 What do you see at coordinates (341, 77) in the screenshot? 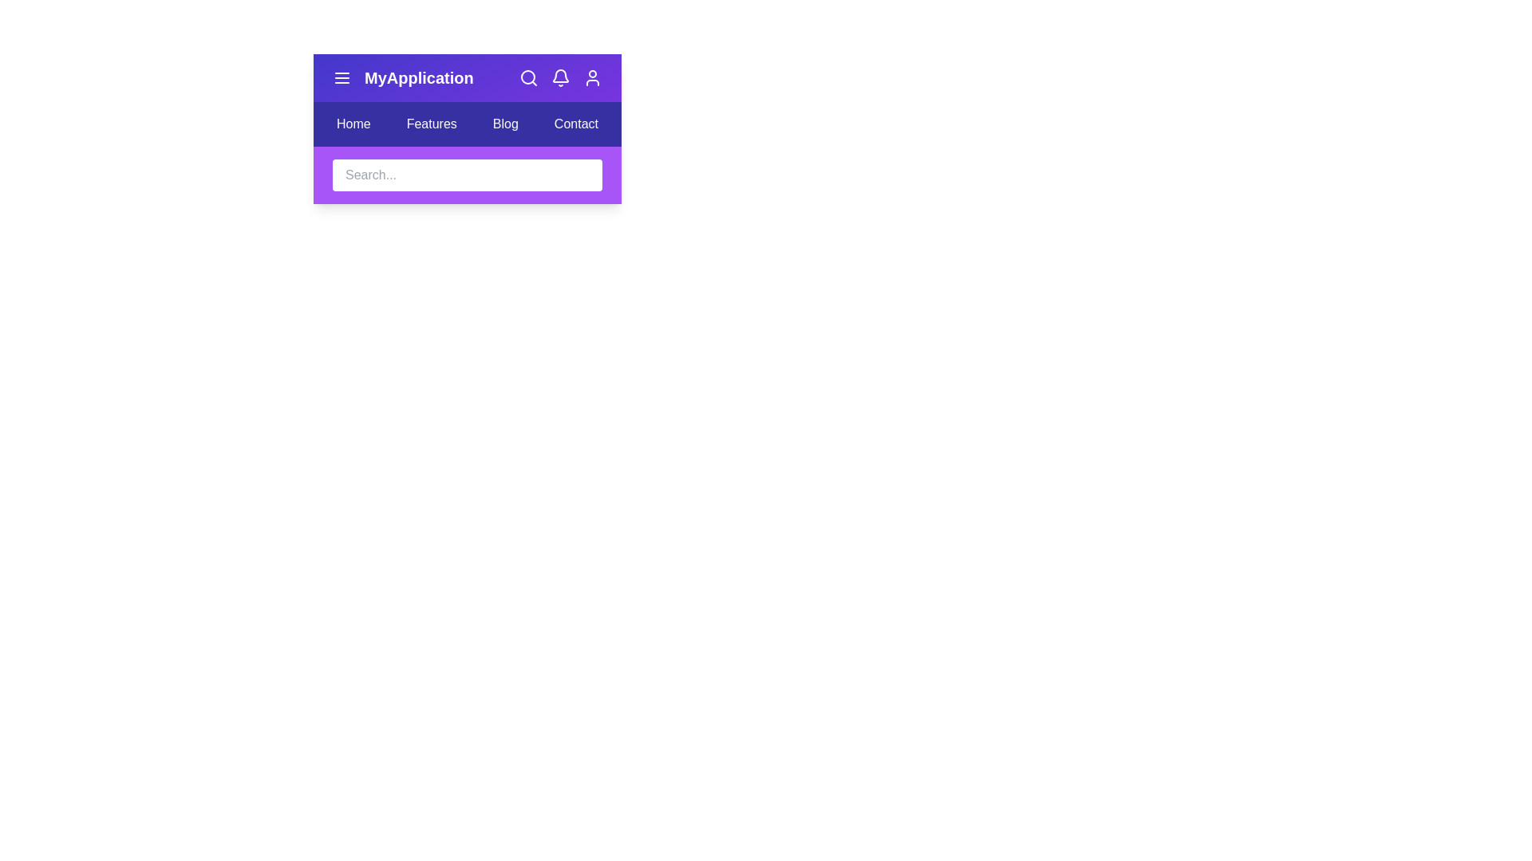
I see `the interactive element menu_button` at bounding box center [341, 77].